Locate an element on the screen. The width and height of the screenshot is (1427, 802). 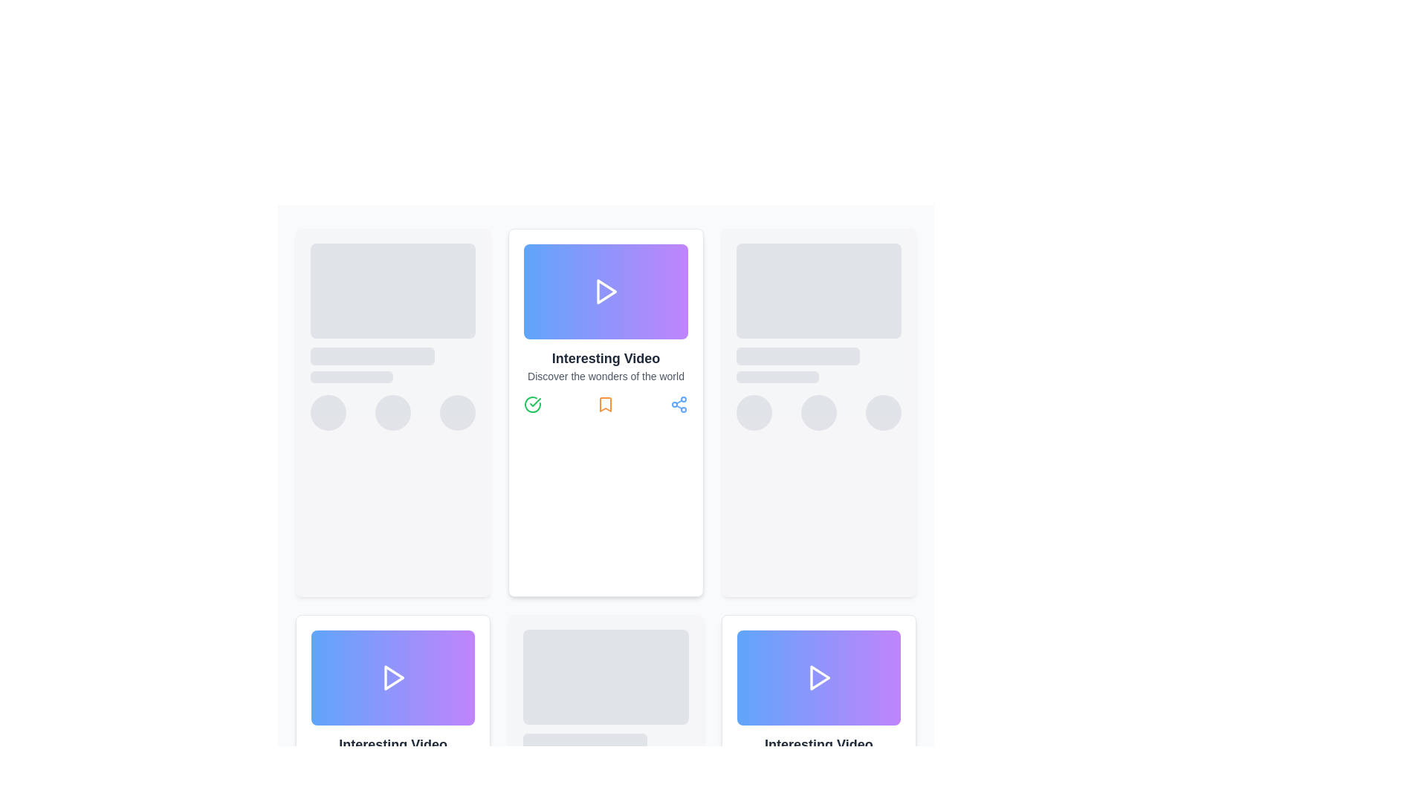
the circular green checkmark icon, which is the leftmost in a row of three icons at the bottom of a card component is located at coordinates (533, 404).